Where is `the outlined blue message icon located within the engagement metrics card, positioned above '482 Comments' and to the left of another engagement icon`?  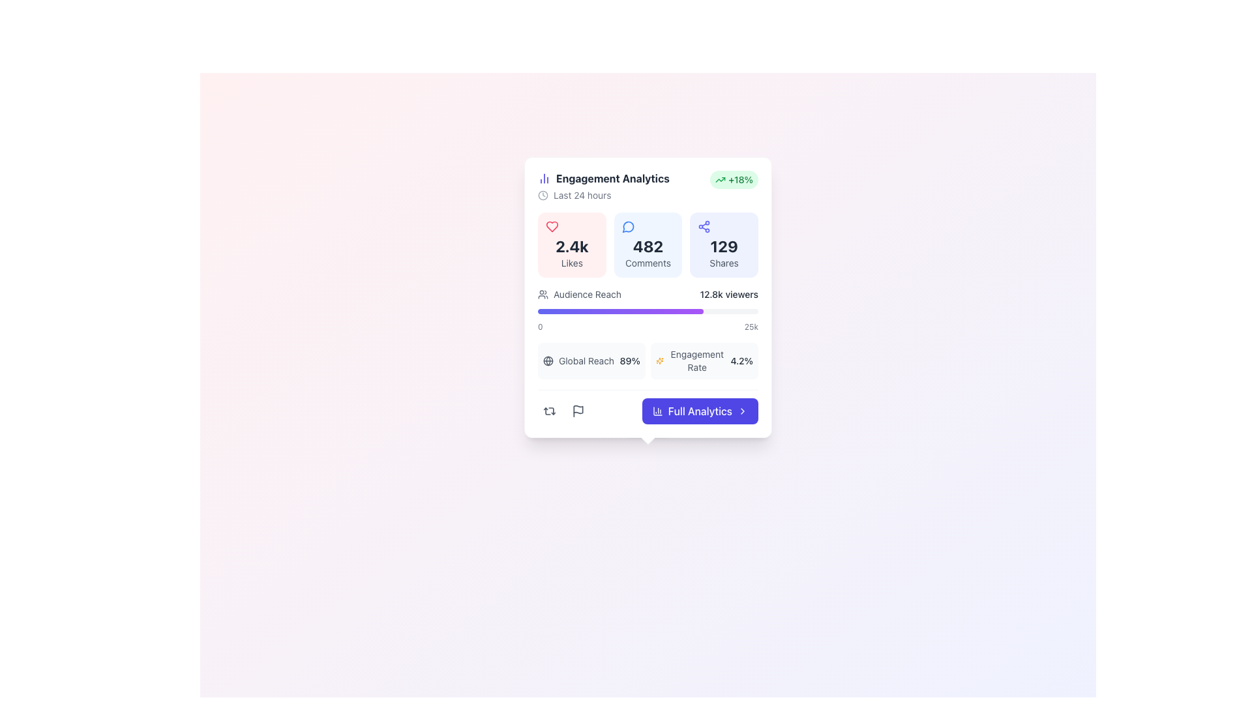
the outlined blue message icon located within the engagement metrics card, positioned above '482 Comments' and to the left of another engagement icon is located at coordinates (628, 226).